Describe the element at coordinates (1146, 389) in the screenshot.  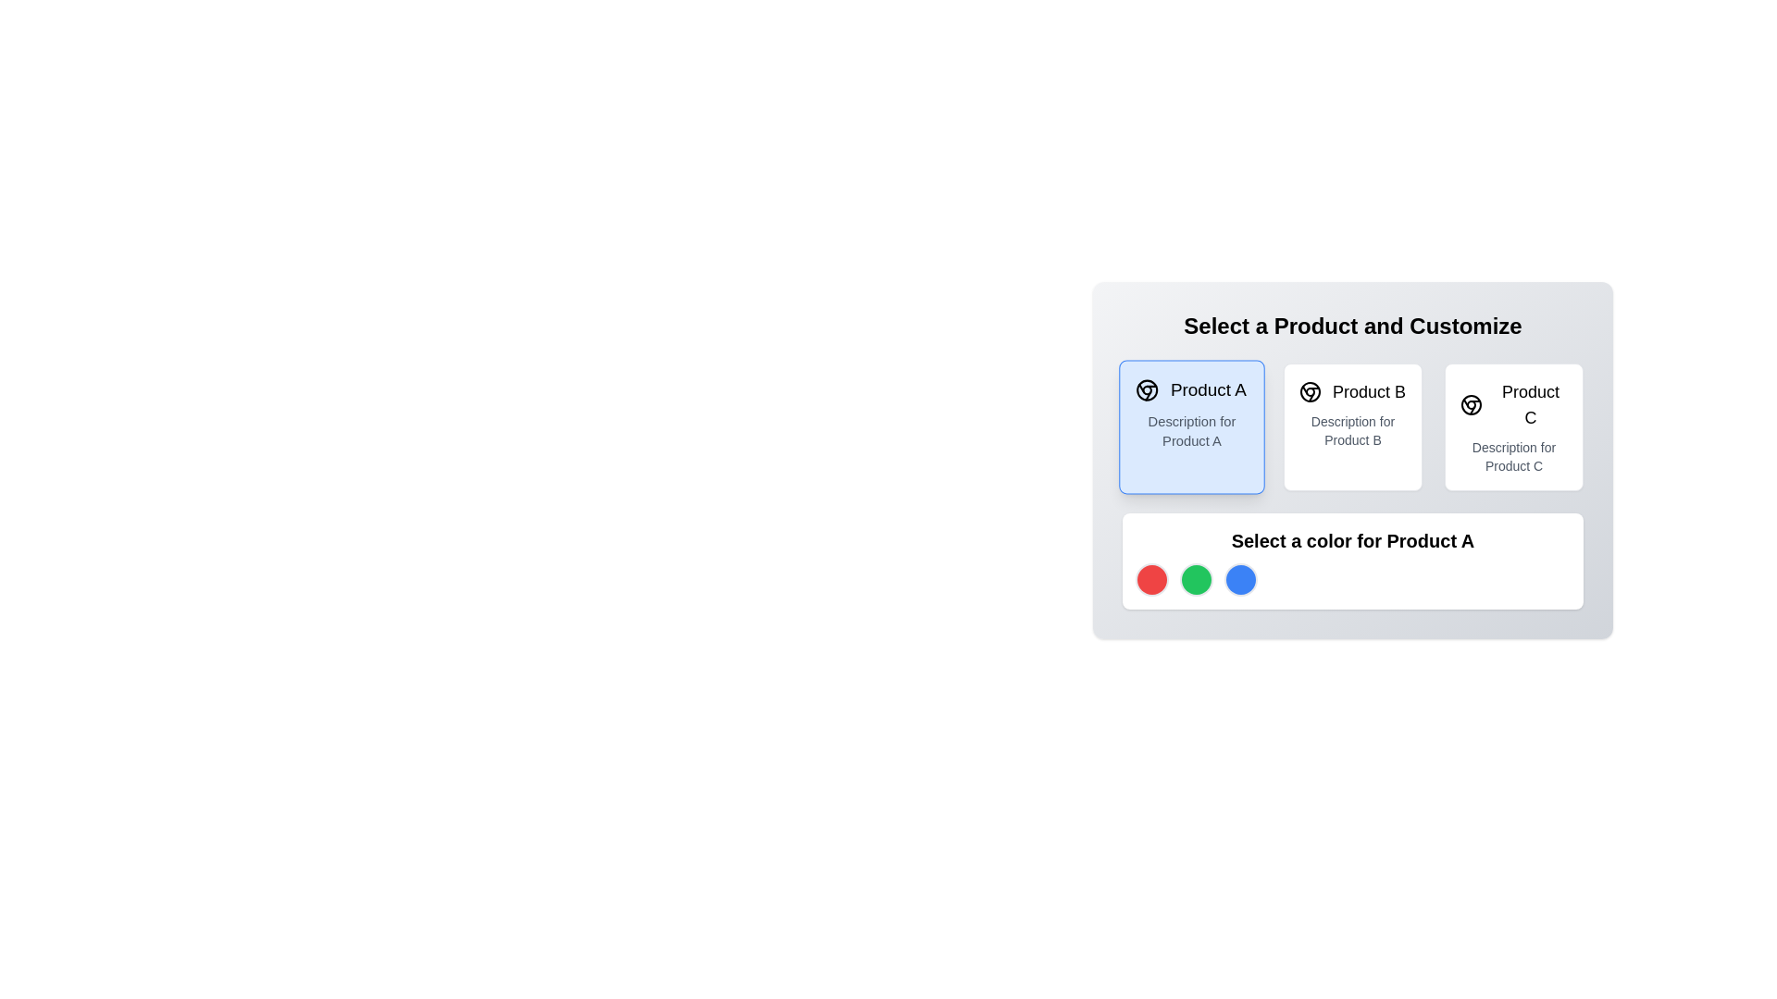
I see `the circular graphical icon component that is part of the logo in the leftmost panel of the product selection area` at that location.